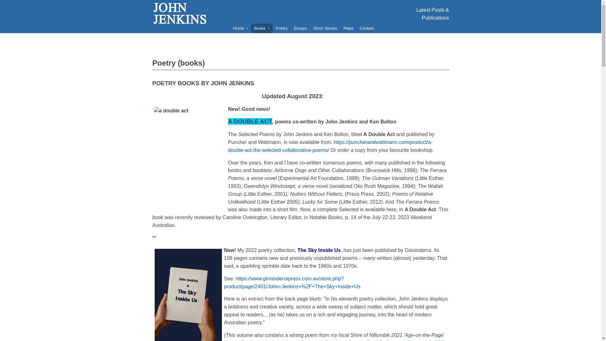 The width and height of the screenshot is (606, 341). What do you see at coordinates (432, 14) in the screenshot?
I see `'Latest Posts & Publications'` at bounding box center [432, 14].